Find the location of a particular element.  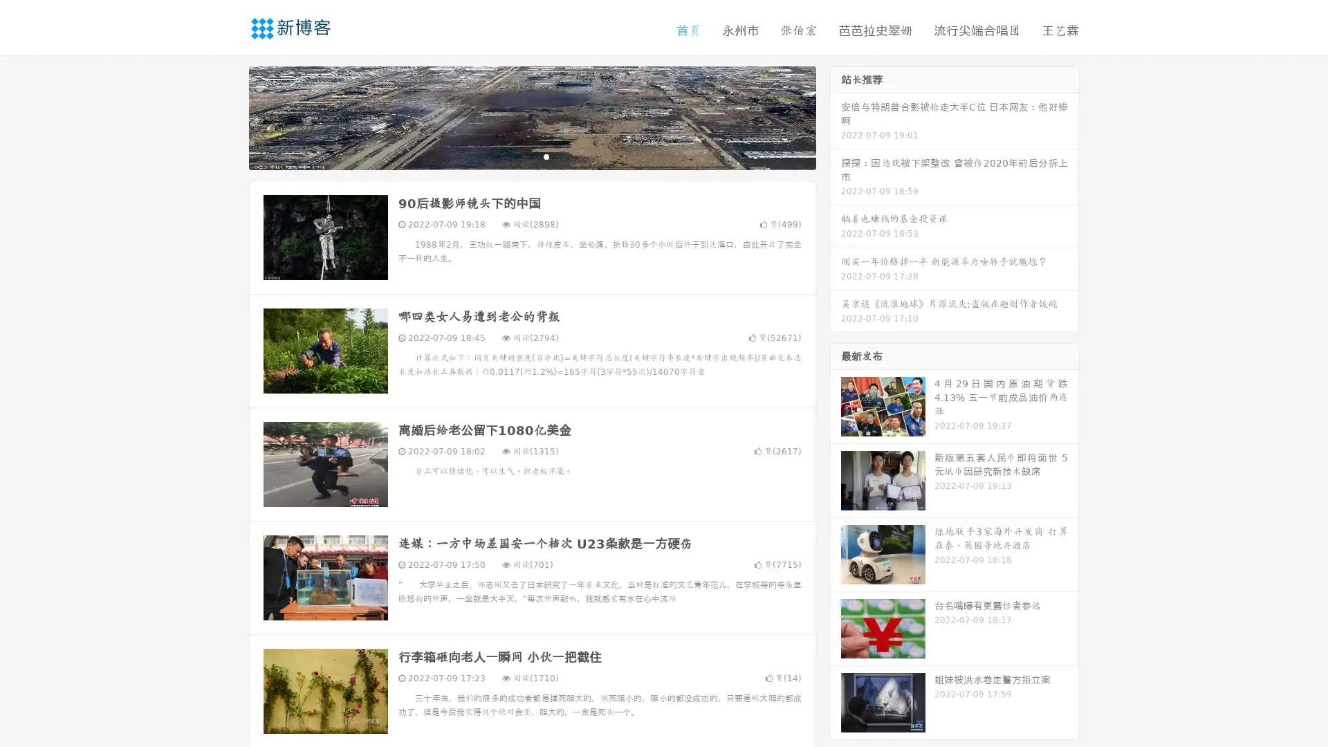

Go to slide 2 is located at coordinates (531, 156).